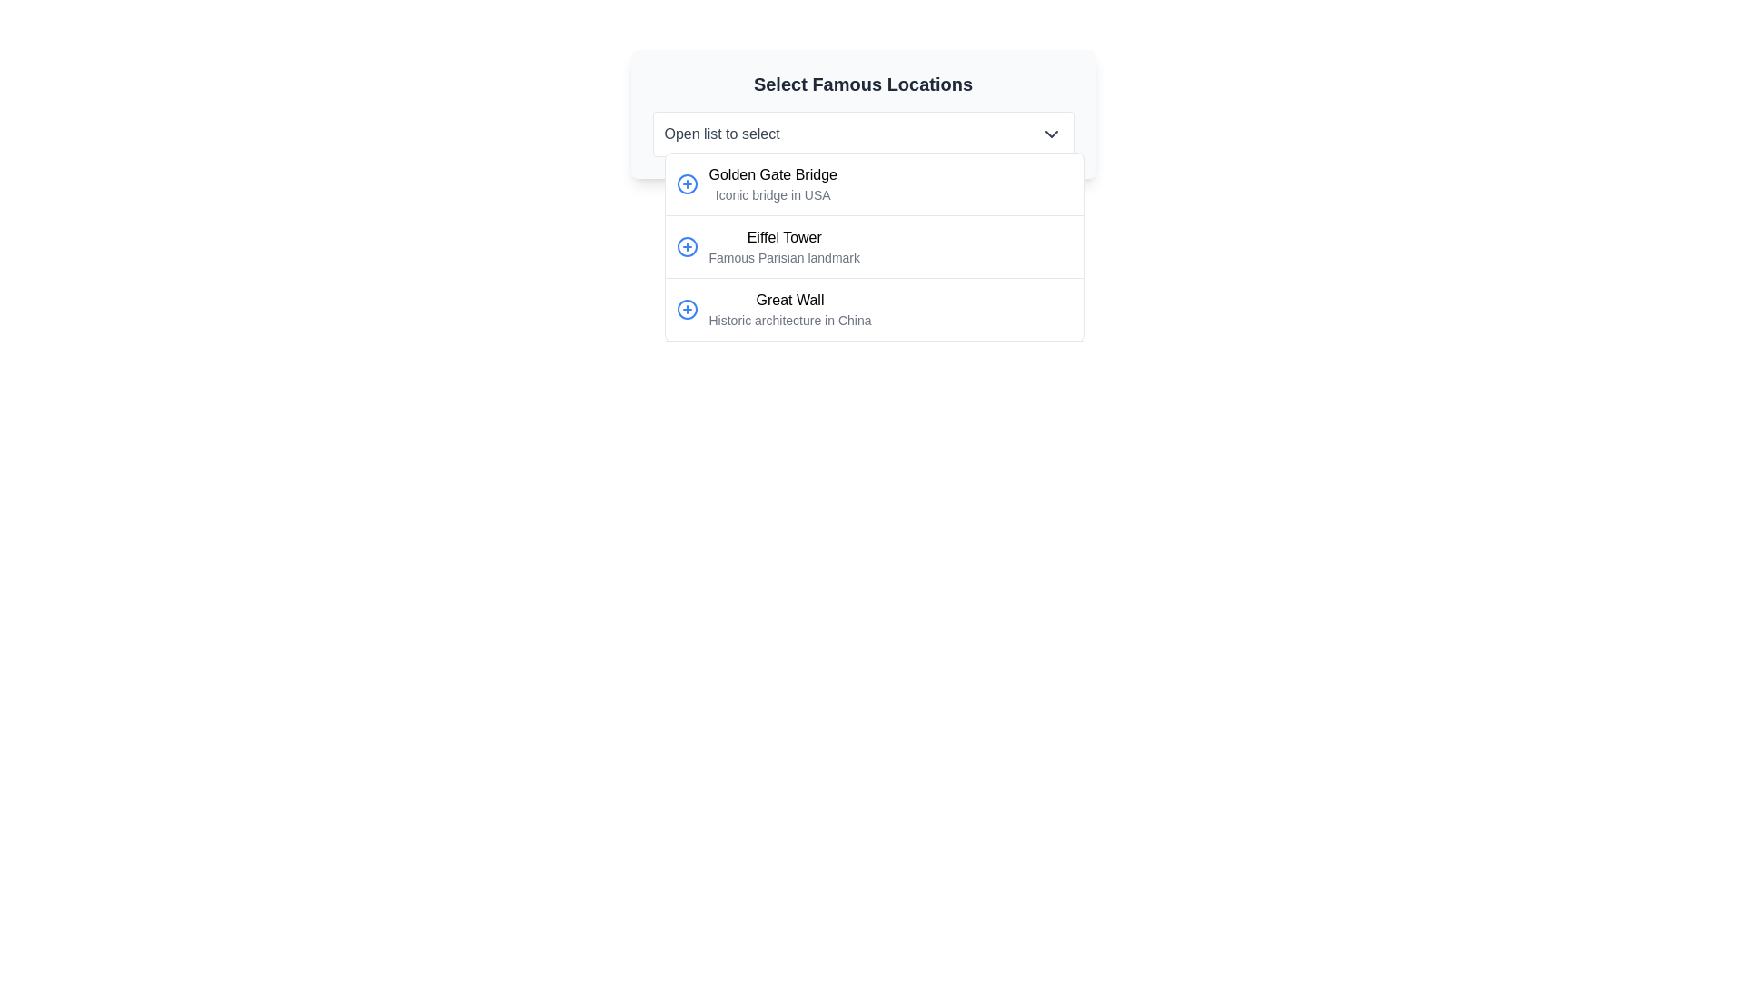 This screenshot has width=1744, height=981. Describe the element at coordinates (686, 184) in the screenshot. I see `the circular blue plus icon located to the left of the 'Golden Gate Bridge' entry in the dropdown list by` at that location.